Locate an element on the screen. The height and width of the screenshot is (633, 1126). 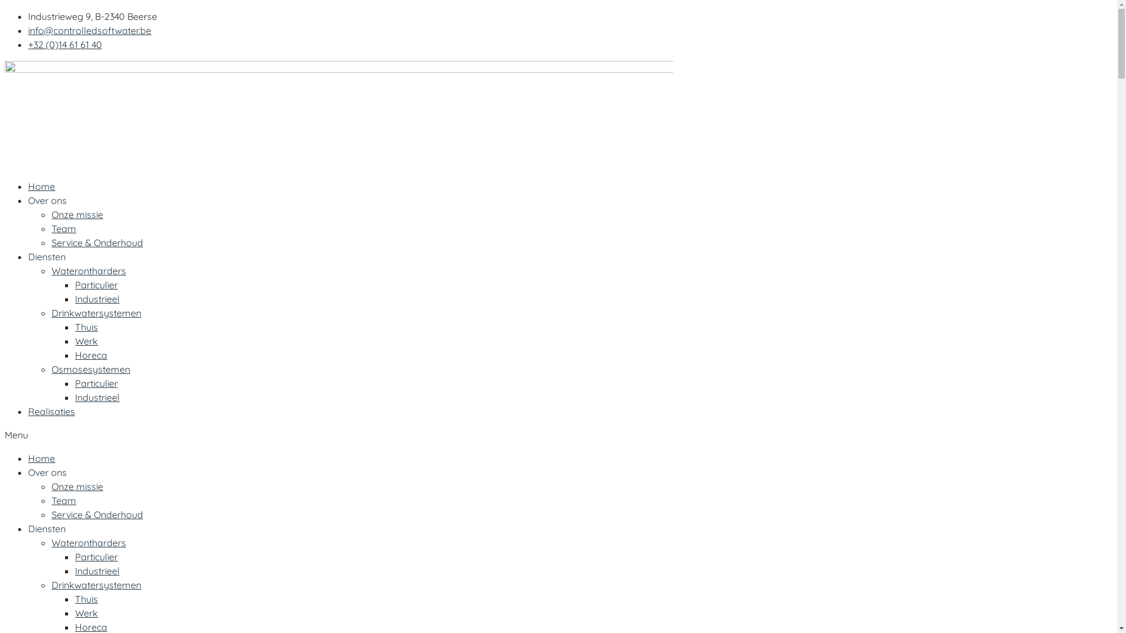
'Team' is located at coordinates (50, 500).